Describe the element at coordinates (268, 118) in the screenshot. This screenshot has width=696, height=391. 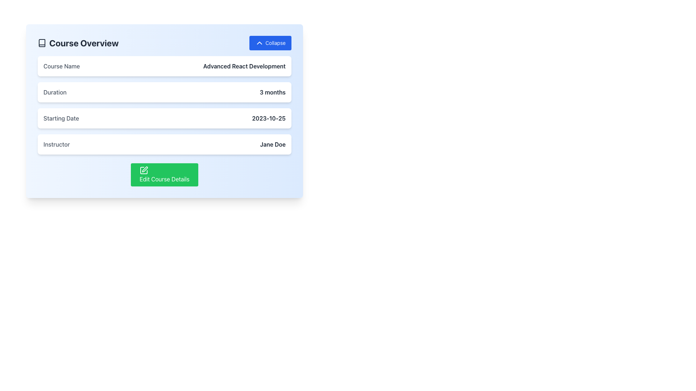
I see `the static text displaying the starting date of the course, located in the bottom-right corner of the 'Course Overview' panel` at that location.